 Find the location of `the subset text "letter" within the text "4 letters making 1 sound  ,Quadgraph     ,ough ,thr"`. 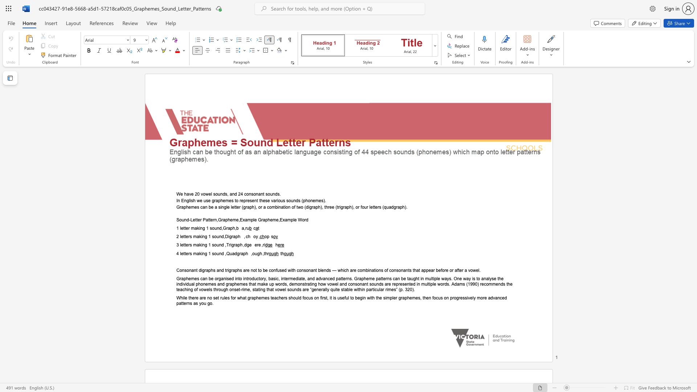

the subset text "letter" within the text "4 letters making 1 sound  ,Quadgraph     ,ough ,thr" is located at coordinates (180, 253).